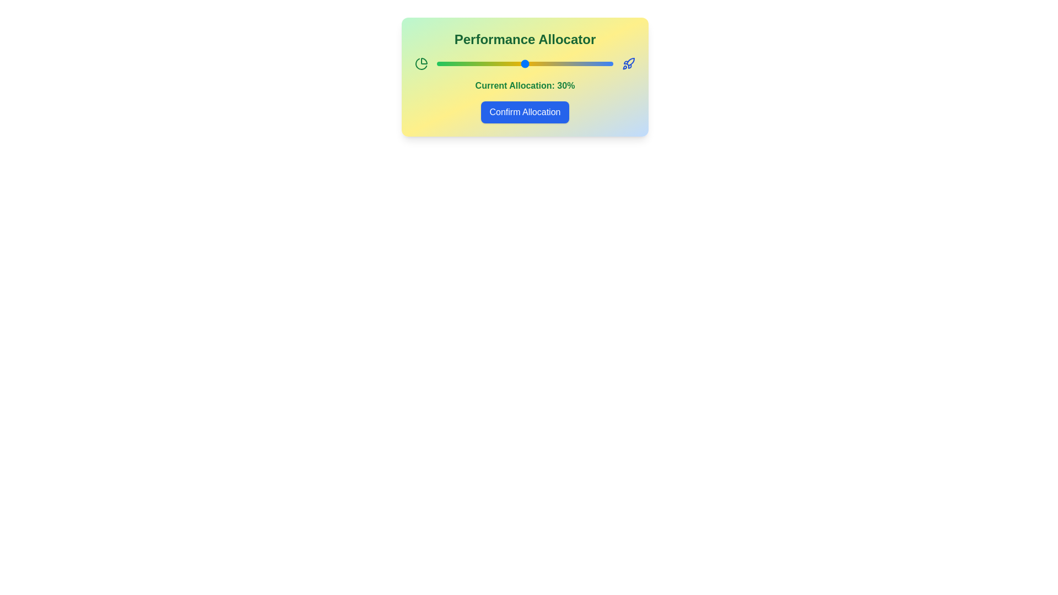 Image resolution: width=1058 pixels, height=595 pixels. What do you see at coordinates (547, 63) in the screenshot?
I see `the allocation slider to 35%` at bounding box center [547, 63].